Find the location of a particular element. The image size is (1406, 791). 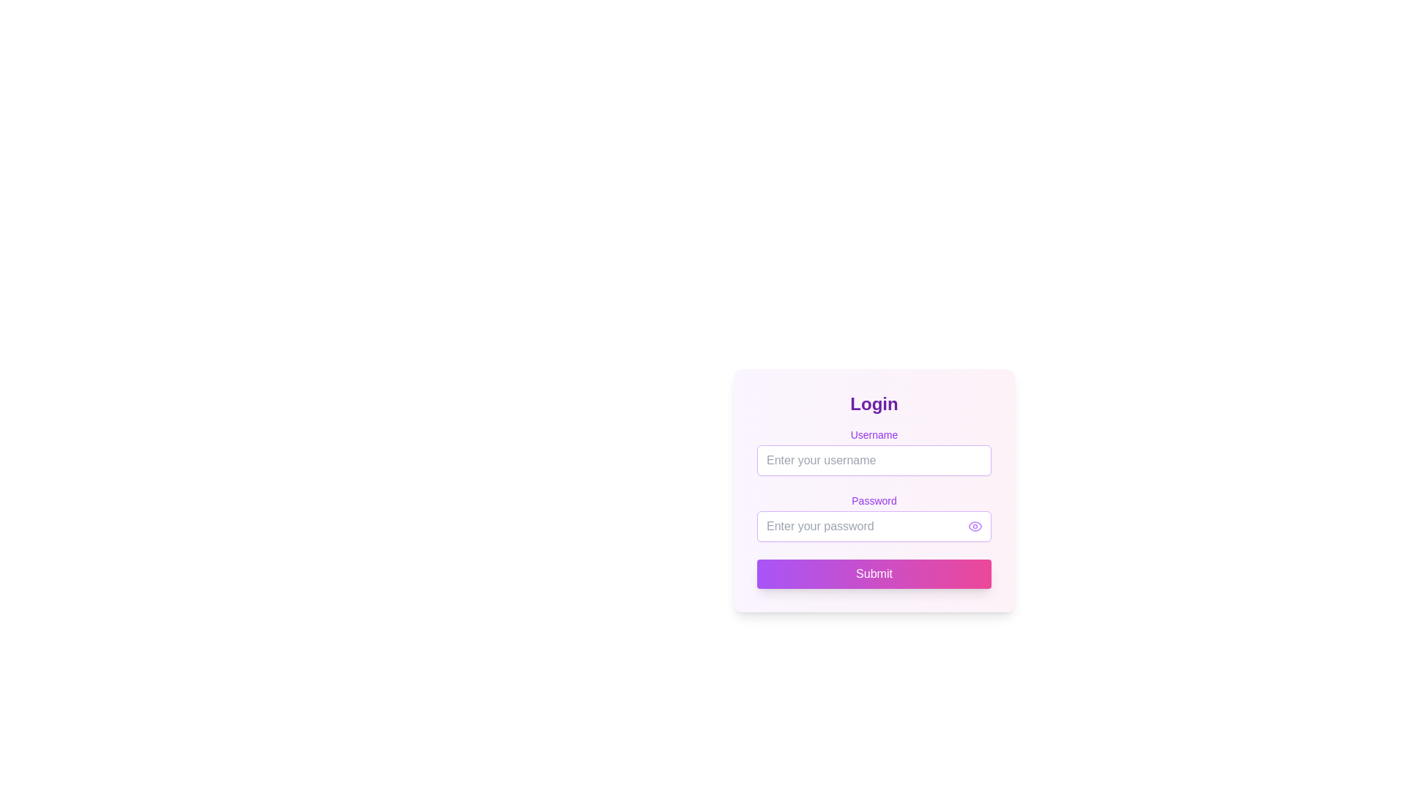

the bold, purple 'Login' text label at the top of the login form interface is located at coordinates (874, 404).